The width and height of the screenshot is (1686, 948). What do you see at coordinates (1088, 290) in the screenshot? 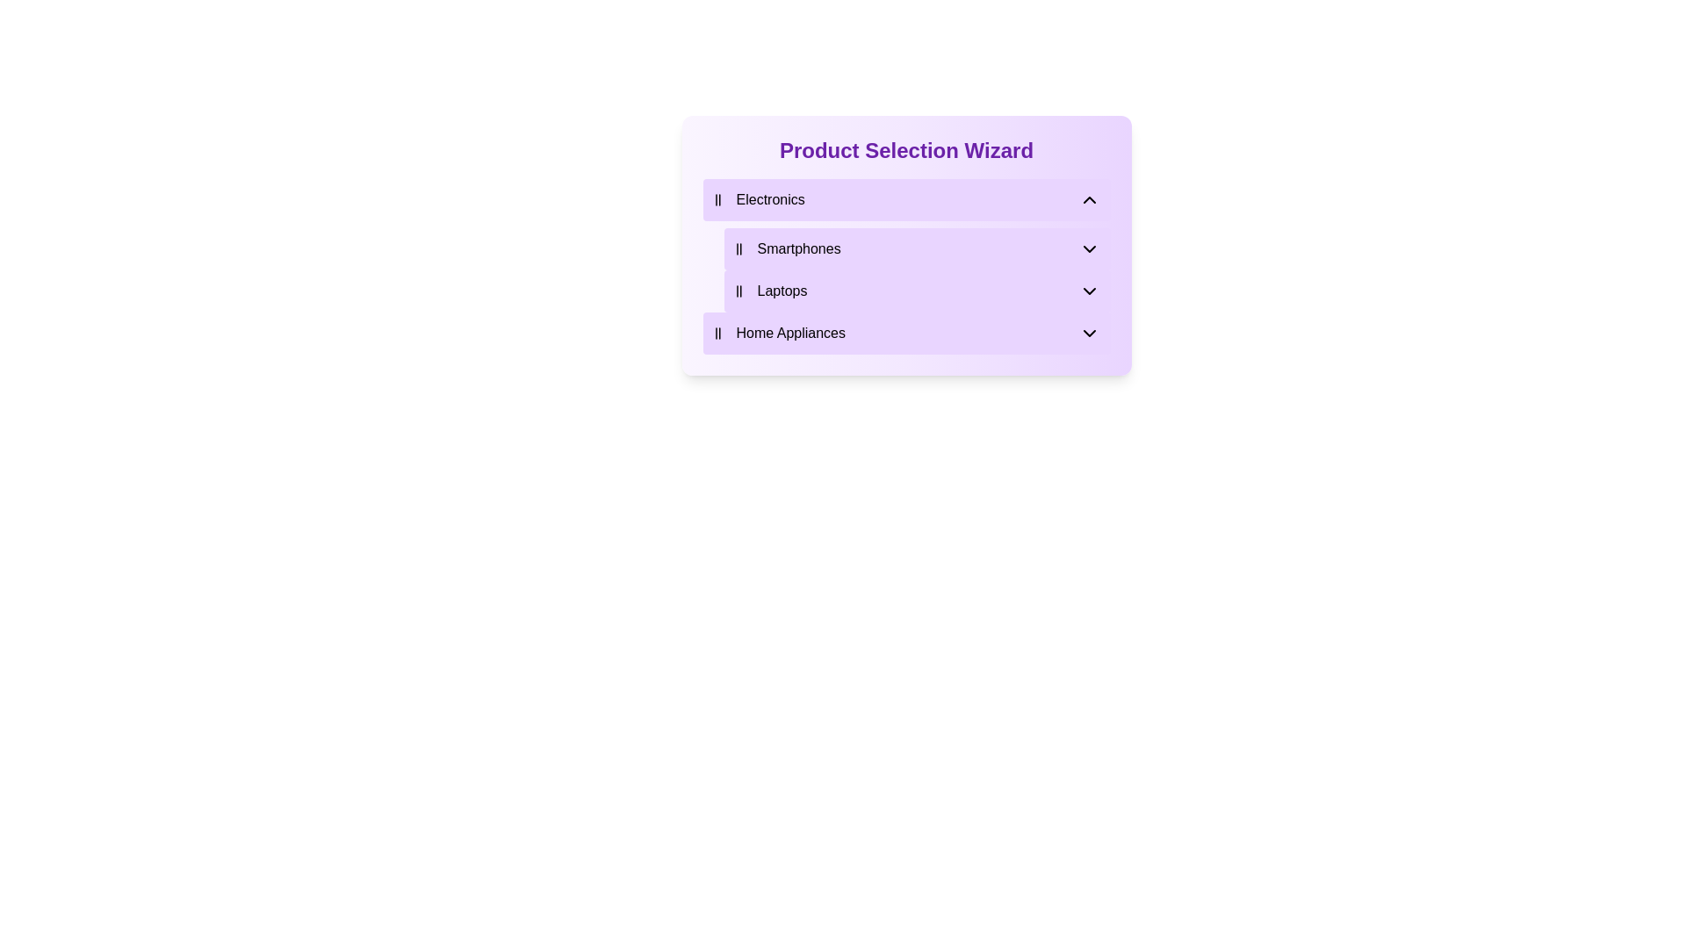
I see `the toggle icon for the 'Laptops' category, located on the far right side of the 'Laptops' list item` at bounding box center [1088, 290].